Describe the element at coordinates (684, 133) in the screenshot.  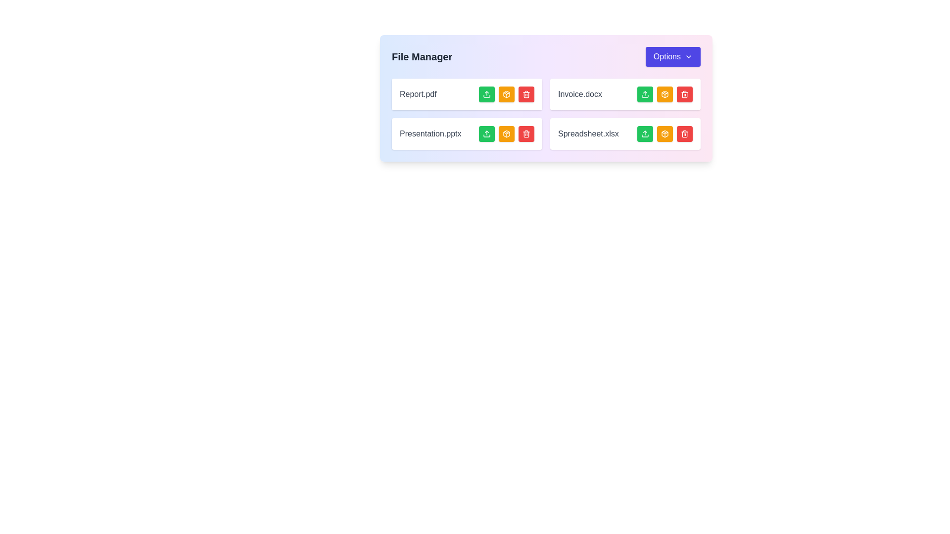
I see `the red trash bin icon within the button in the second row of the file manager's action buttons for the 'Spreadsheet.xlsx' file` at that location.